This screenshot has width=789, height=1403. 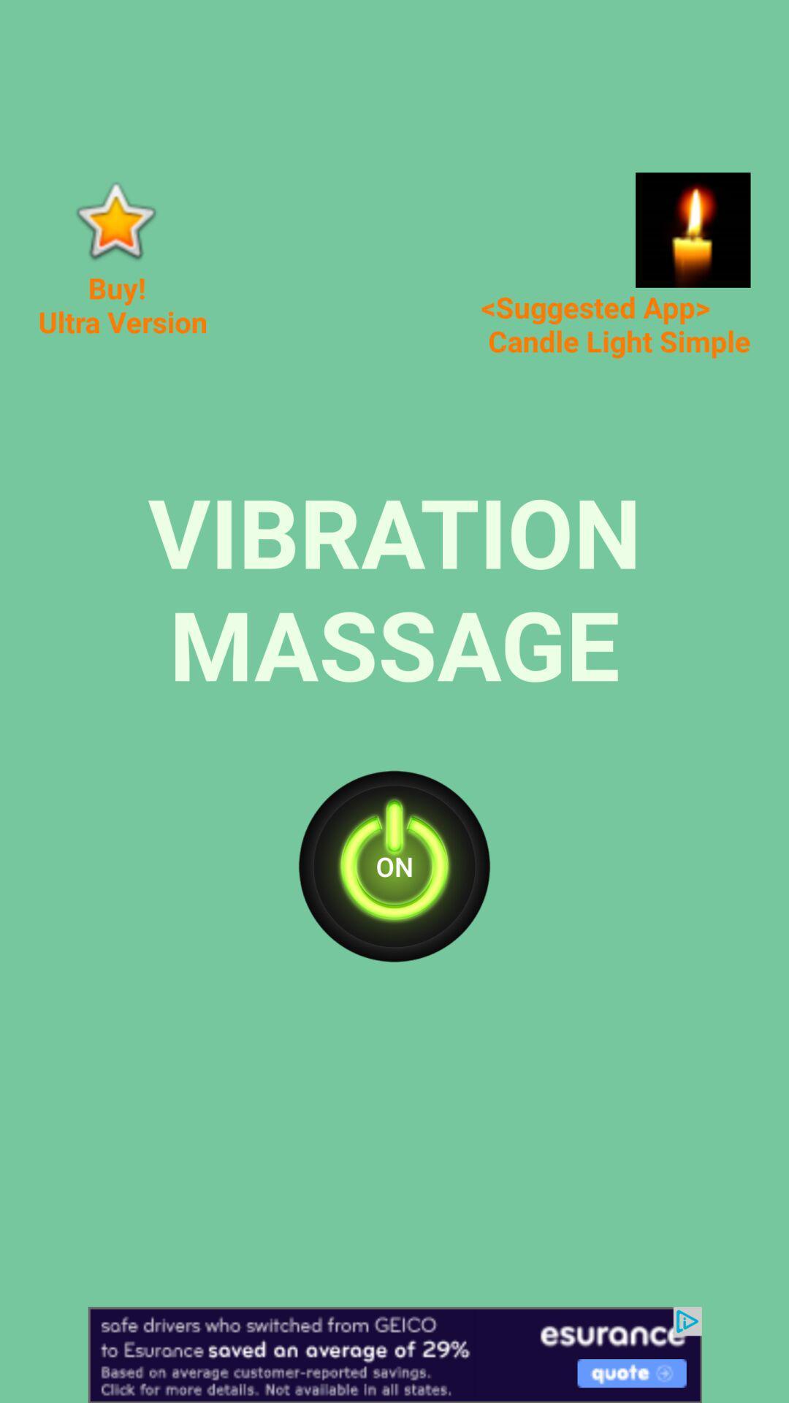 I want to click on open advertisement, so click(x=394, y=1354).